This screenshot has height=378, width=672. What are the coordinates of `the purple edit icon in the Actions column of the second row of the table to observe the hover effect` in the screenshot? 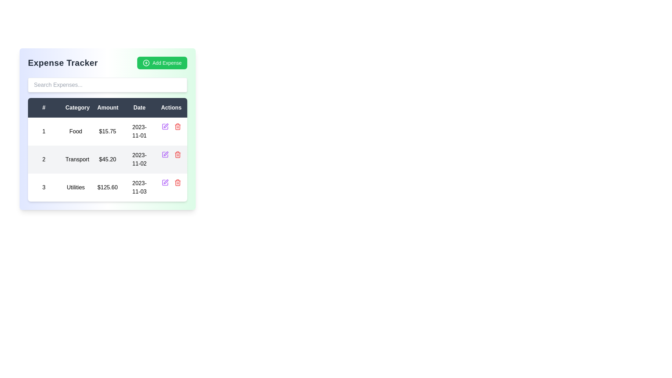 It's located at (164, 182).